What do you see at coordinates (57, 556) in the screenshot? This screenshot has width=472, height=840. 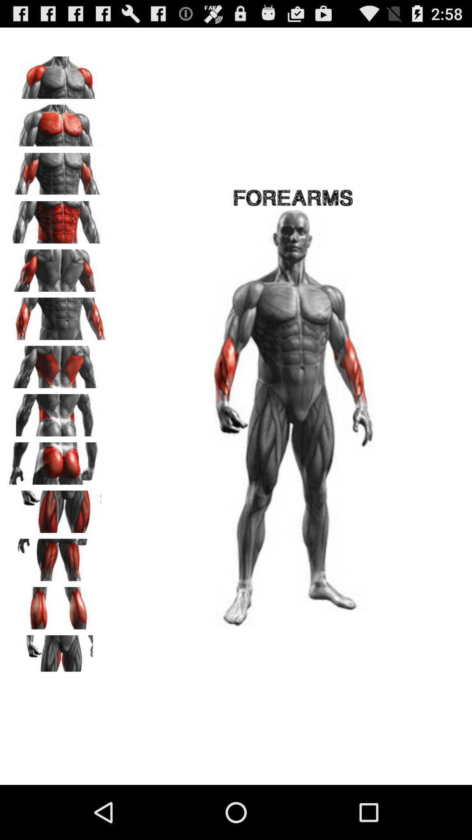 I see `hamstrings` at bounding box center [57, 556].